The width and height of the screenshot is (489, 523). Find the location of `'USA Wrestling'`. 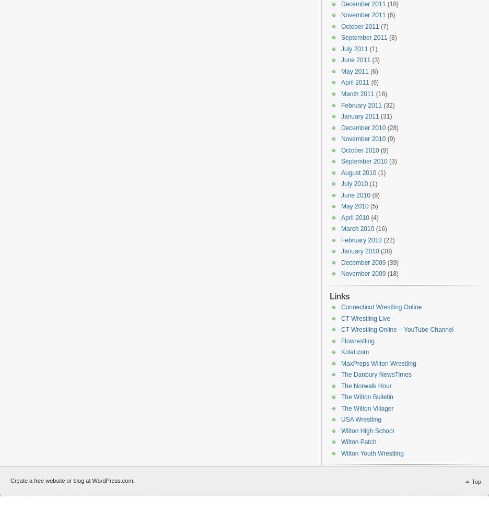

'USA Wrestling' is located at coordinates (361, 419).